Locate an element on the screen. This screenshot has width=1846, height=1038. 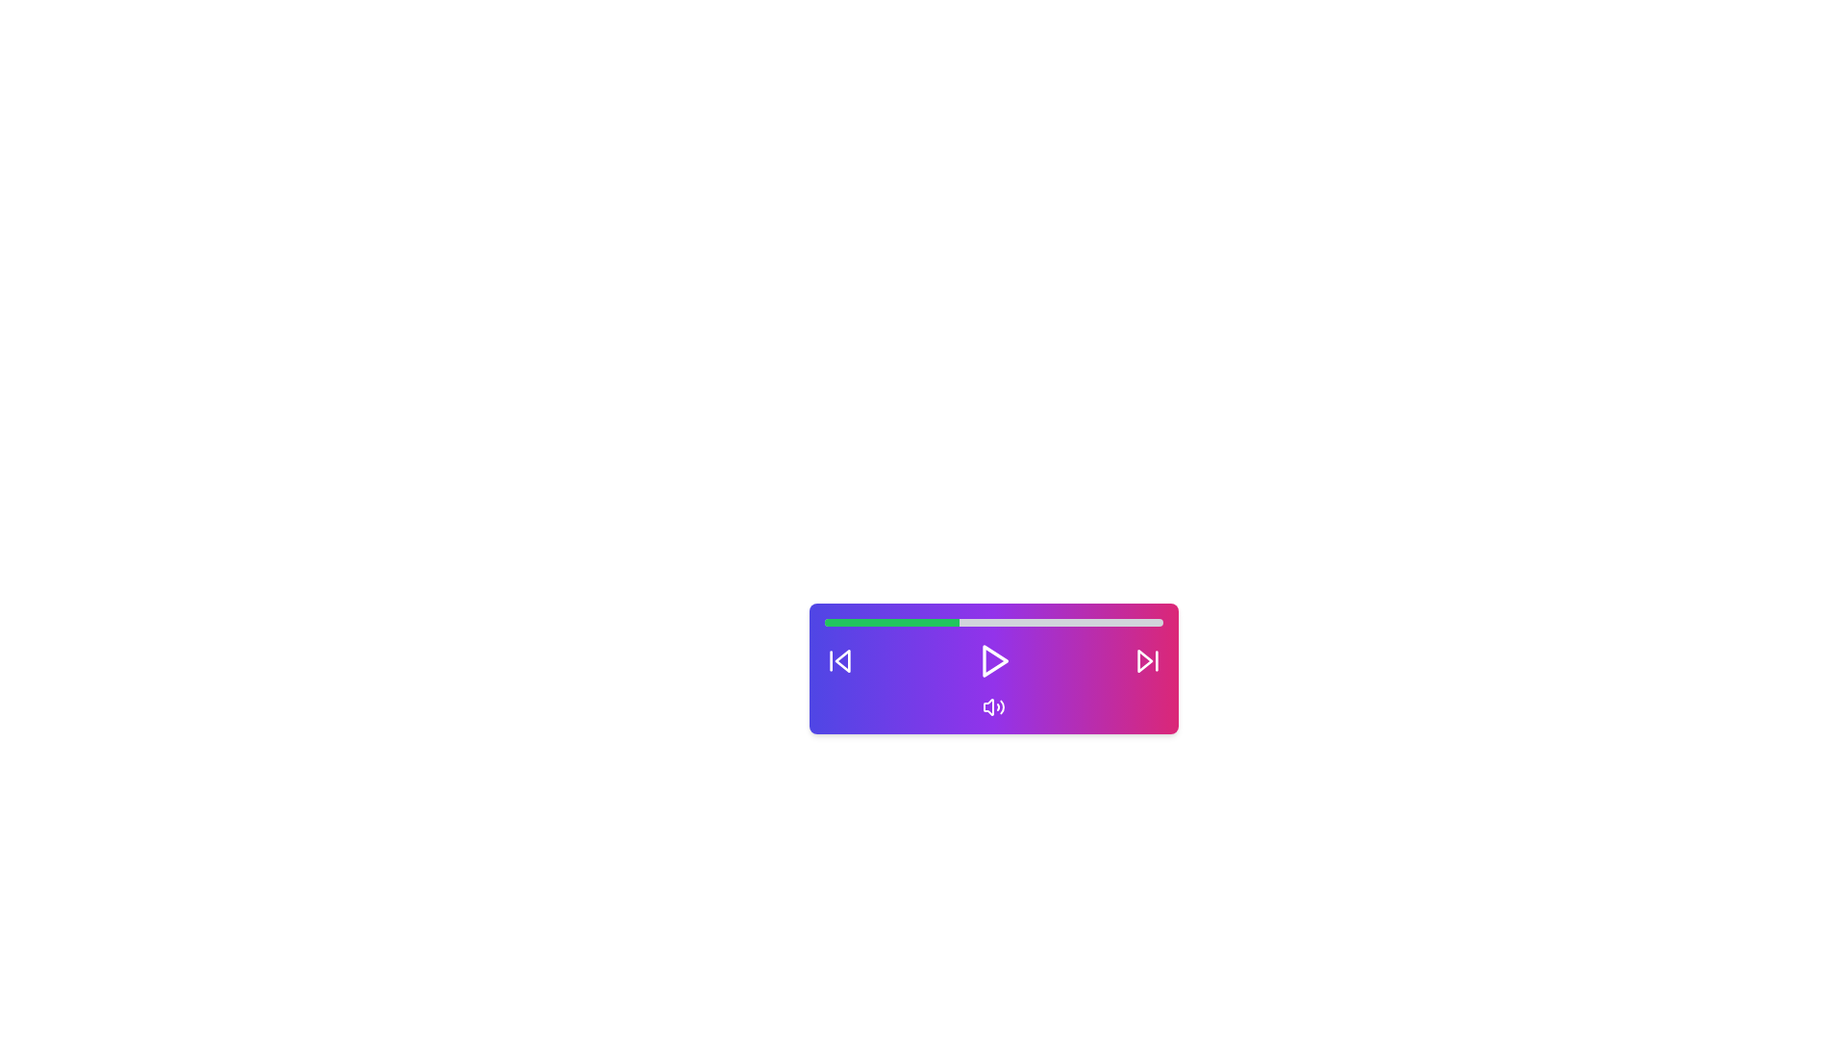
the volume to 19 percent is located at coordinates (887, 623).